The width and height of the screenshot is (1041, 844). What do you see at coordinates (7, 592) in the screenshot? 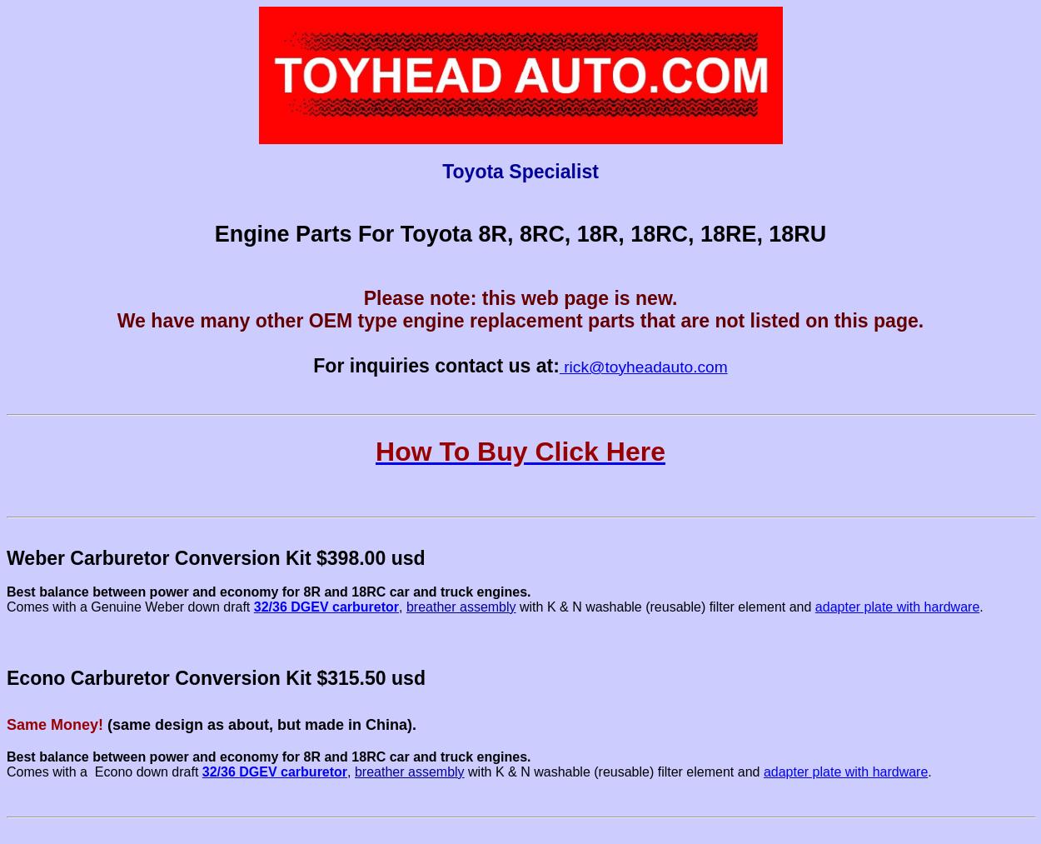
I see `'Best
            balance between power and economy'` at bounding box center [7, 592].